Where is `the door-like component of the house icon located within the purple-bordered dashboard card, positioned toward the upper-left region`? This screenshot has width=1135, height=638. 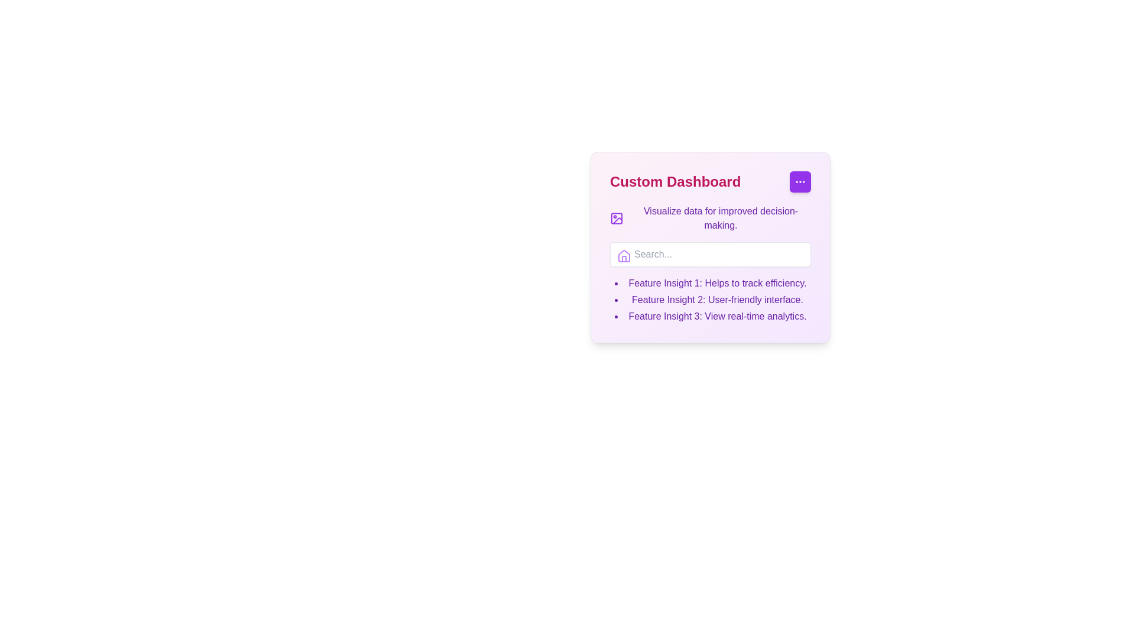
the door-like component of the house icon located within the purple-bordered dashboard card, positioned toward the upper-left region is located at coordinates (624, 258).